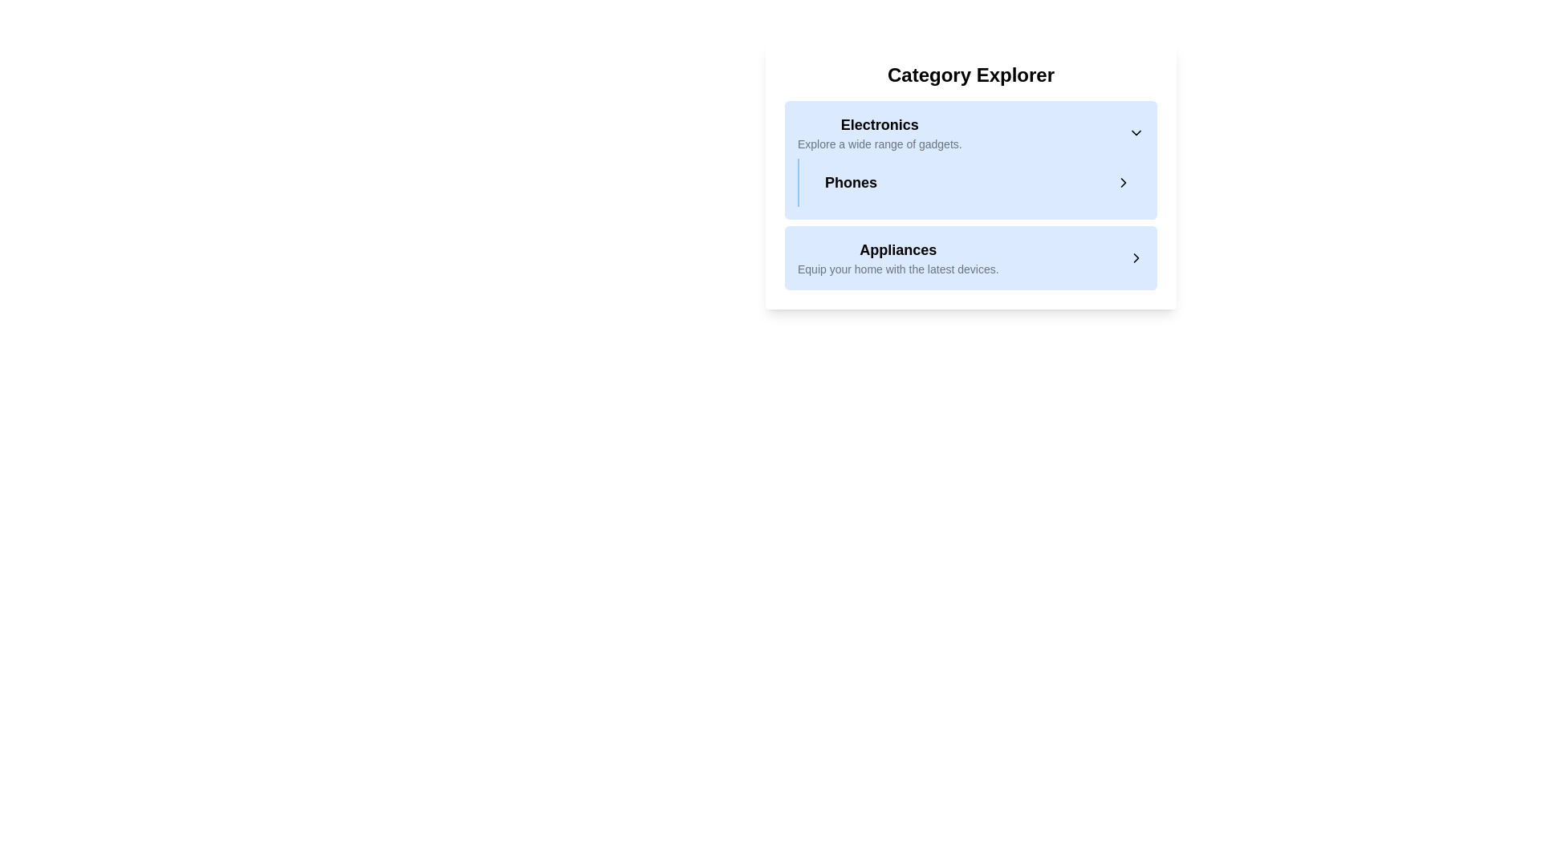  What do you see at coordinates (1136, 132) in the screenshot?
I see `the dropdown icon on the far right side of the 'Electronics' category section` at bounding box center [1136, 132].